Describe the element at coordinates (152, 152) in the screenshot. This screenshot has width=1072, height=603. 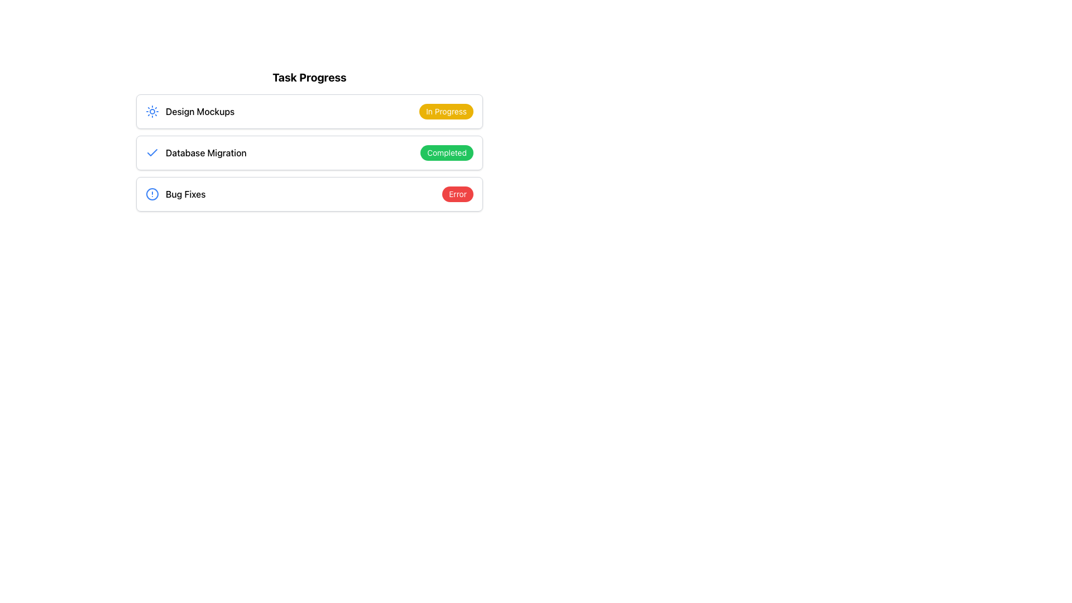
I see `the blue checkmark icon located to the left of the 'Database Migration' entry in the structured list` at that location.